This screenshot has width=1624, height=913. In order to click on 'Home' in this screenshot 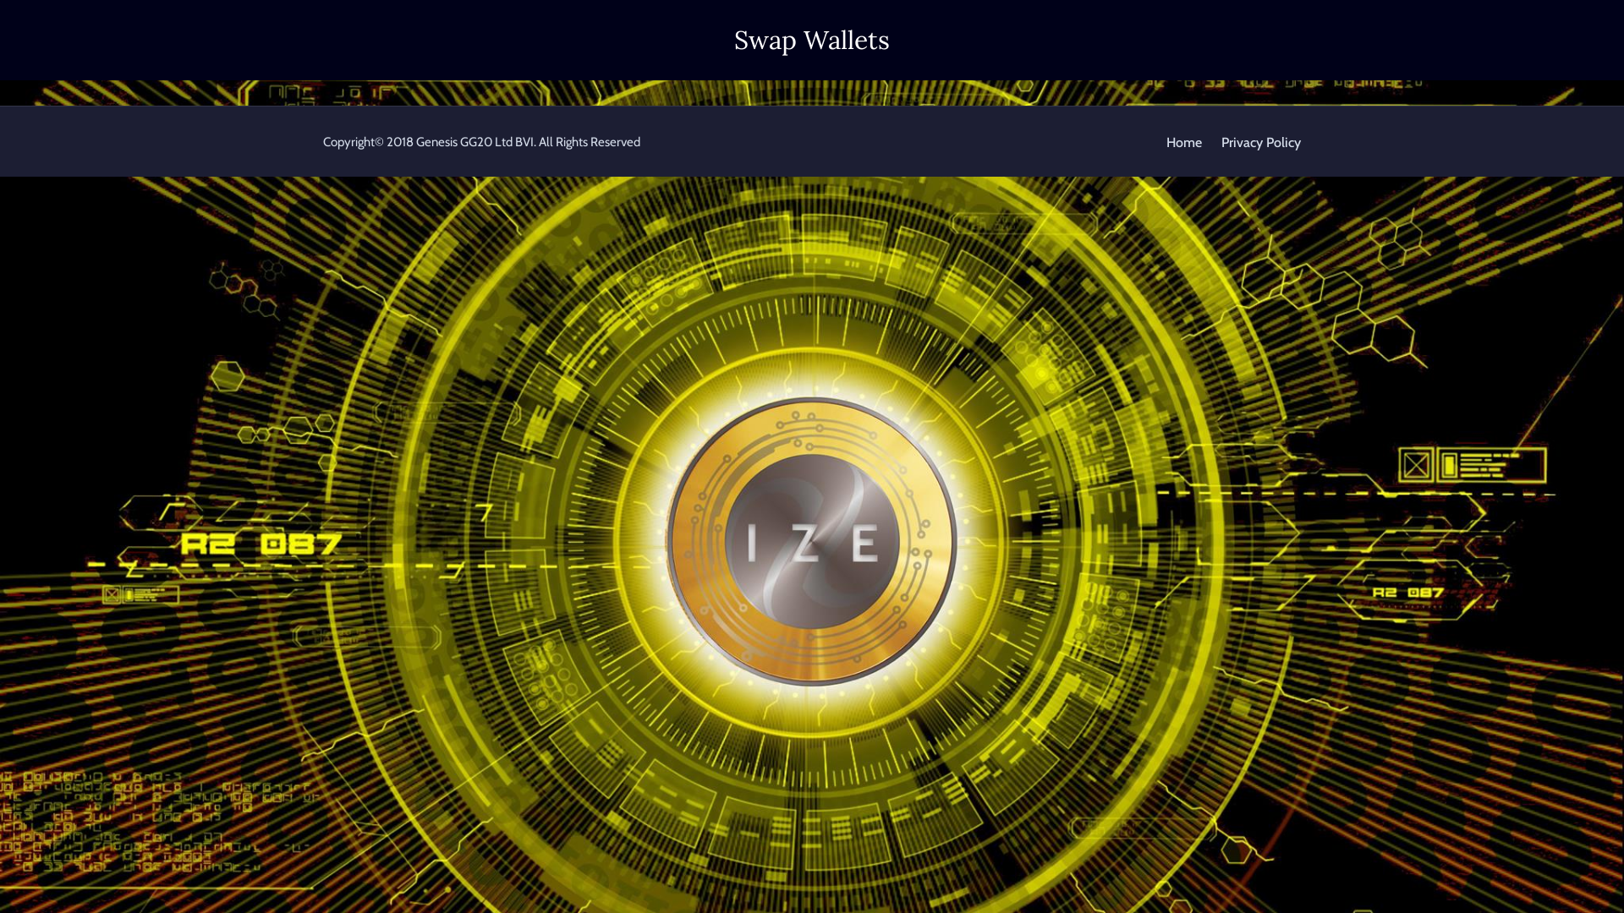, I will do `click(1183, 141)`.